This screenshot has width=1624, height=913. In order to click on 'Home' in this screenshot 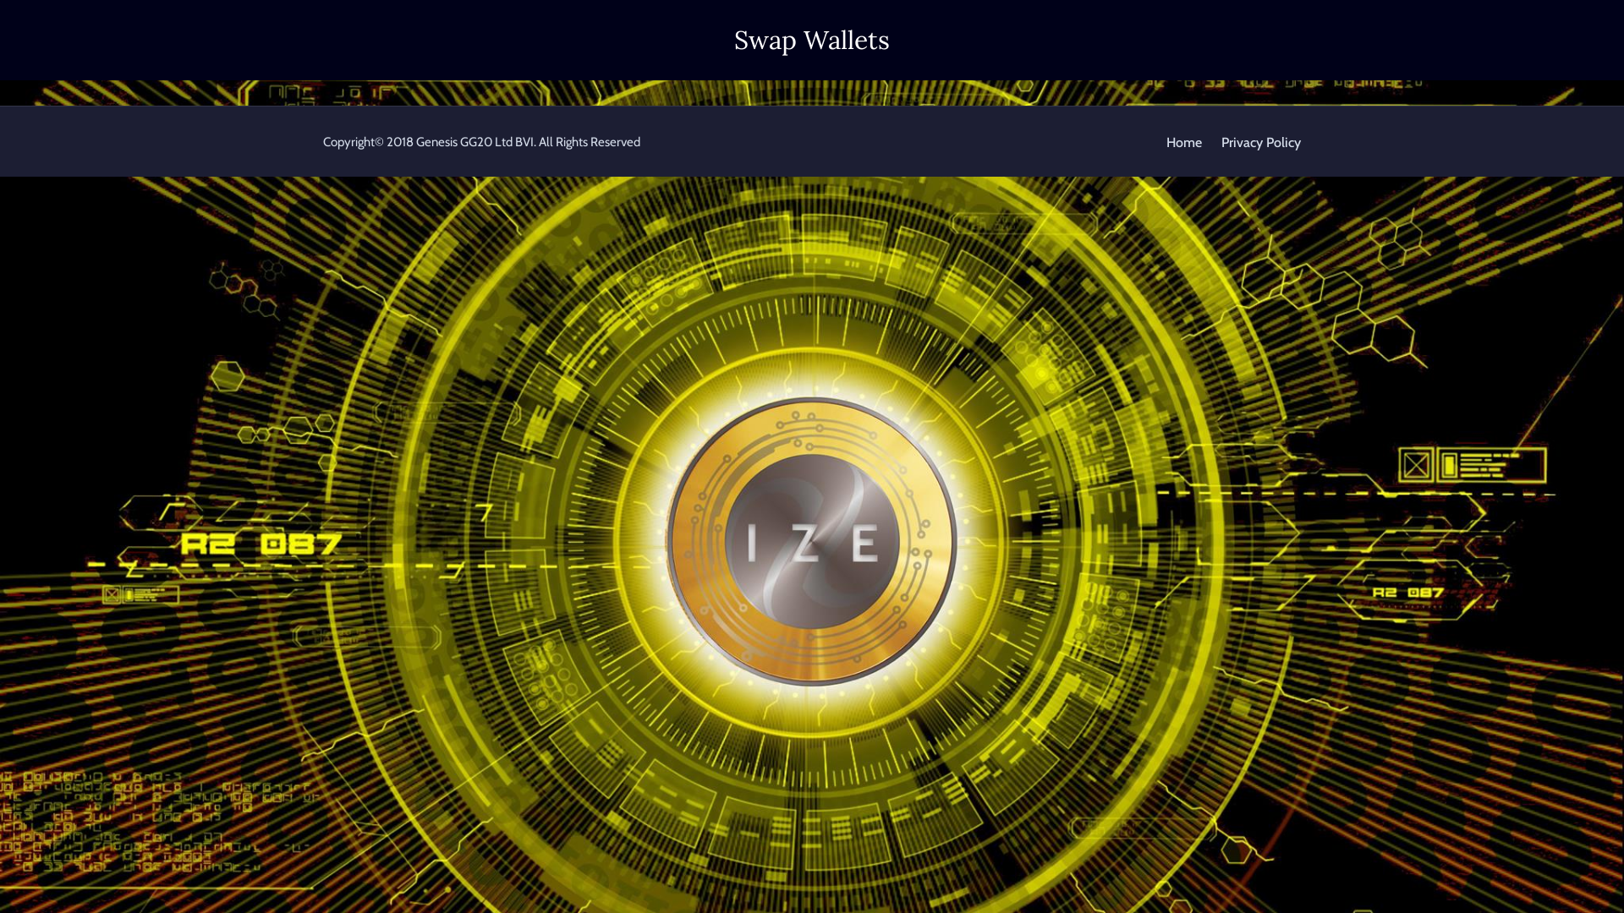, I will do `click(1183, 141)`.